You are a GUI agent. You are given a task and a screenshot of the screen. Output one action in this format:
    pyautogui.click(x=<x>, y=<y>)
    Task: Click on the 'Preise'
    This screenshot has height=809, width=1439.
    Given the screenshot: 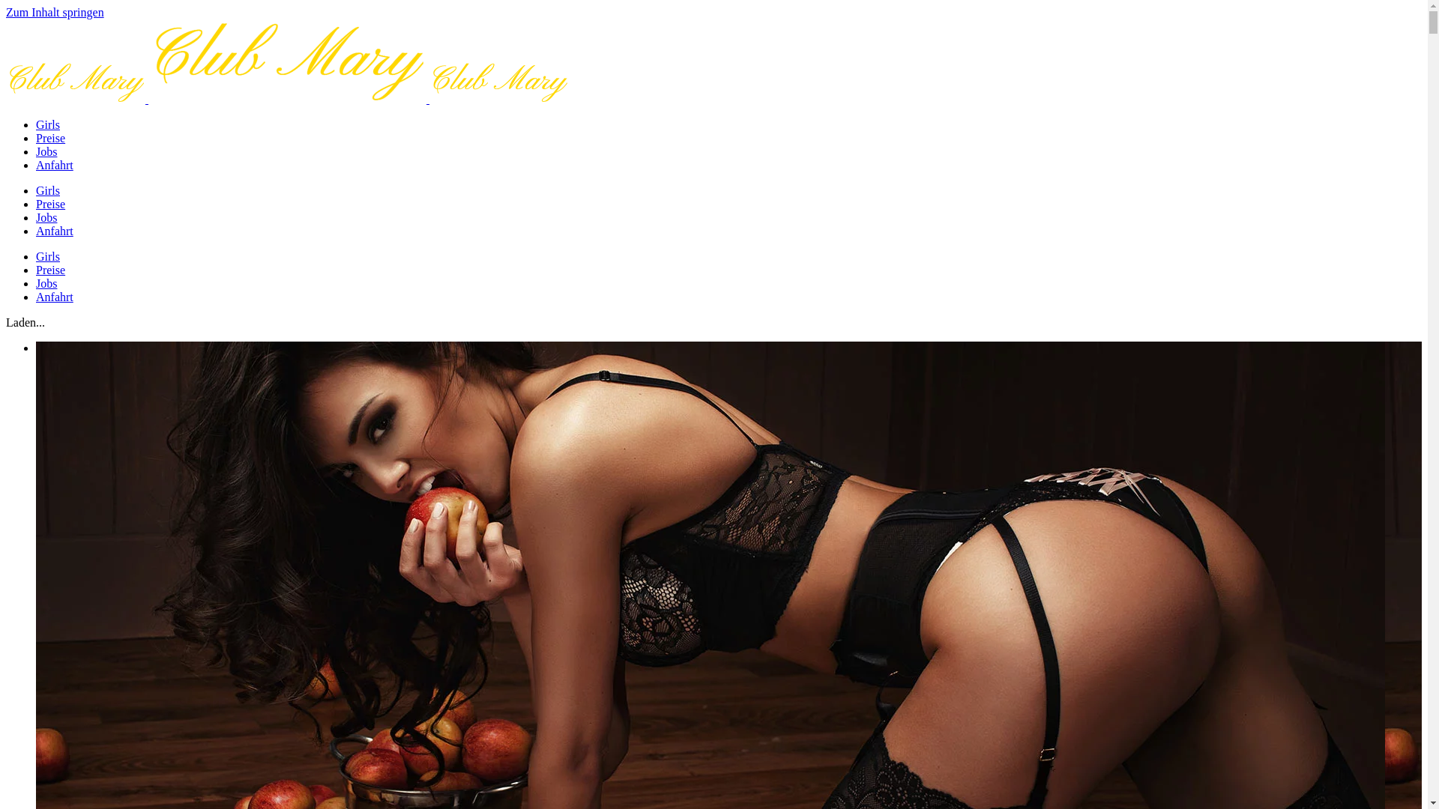 What is the action you would take?
    pyautogui.click(x=50, y=204)
    